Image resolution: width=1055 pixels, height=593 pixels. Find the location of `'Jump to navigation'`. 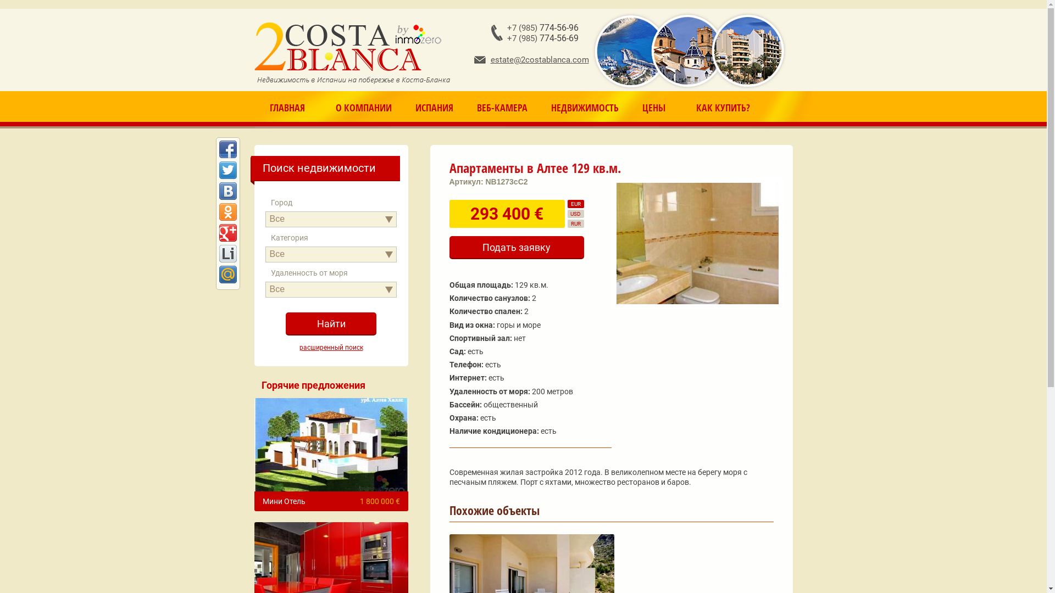

'Jump to navigation' is located at coordinates (523, 2).